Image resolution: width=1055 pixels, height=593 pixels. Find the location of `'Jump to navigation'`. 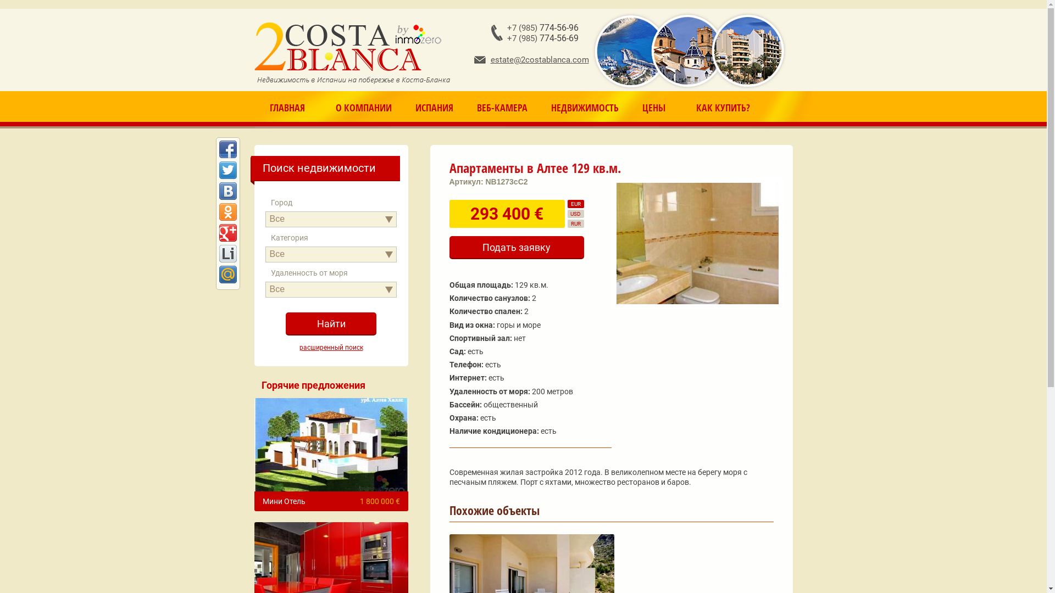

'Jump to navigation' is located at coordinates (523, 2).